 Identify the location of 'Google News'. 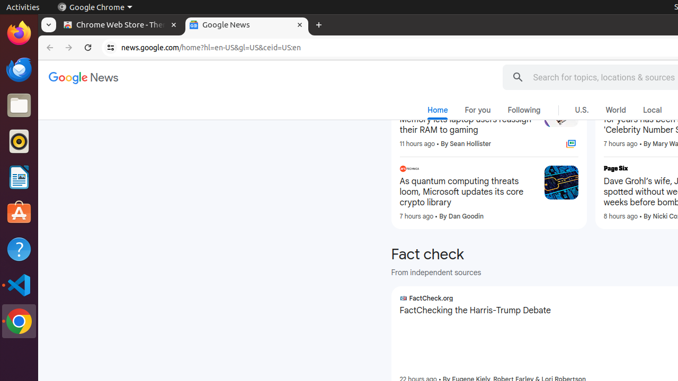
(83, 78).